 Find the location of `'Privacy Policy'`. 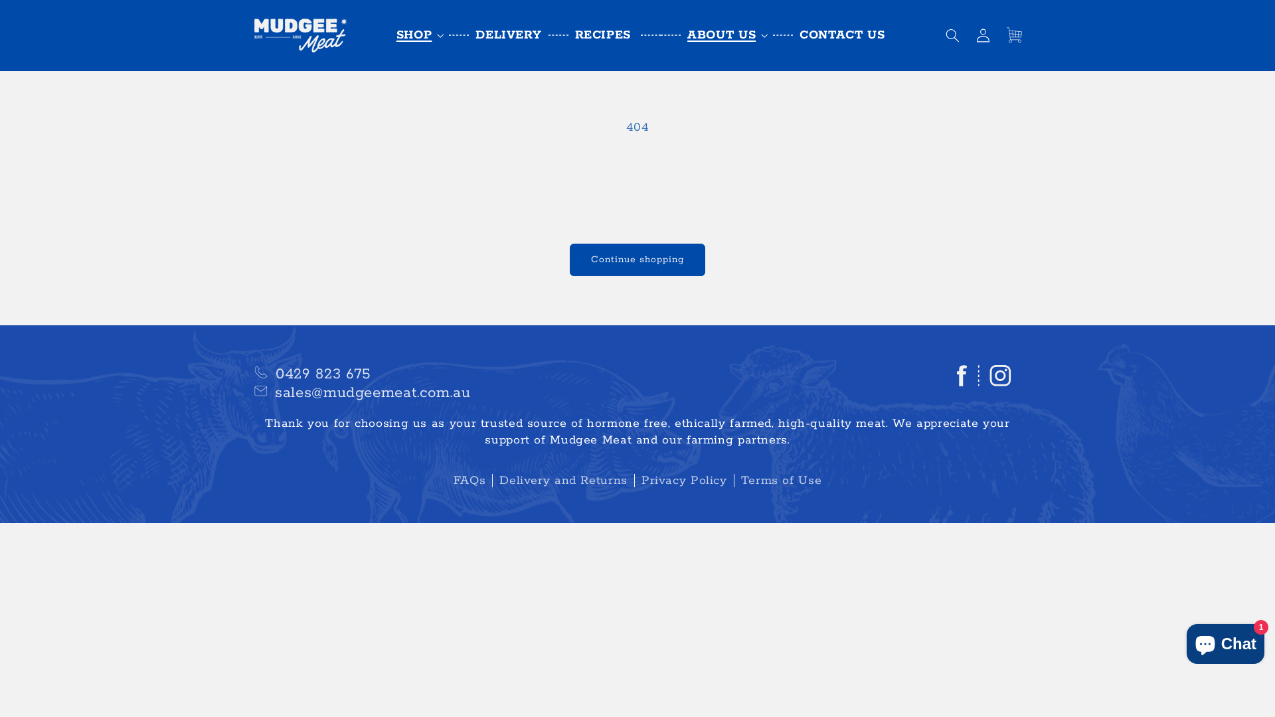

'Privacy Policy' is located at coordinates (634, 481).